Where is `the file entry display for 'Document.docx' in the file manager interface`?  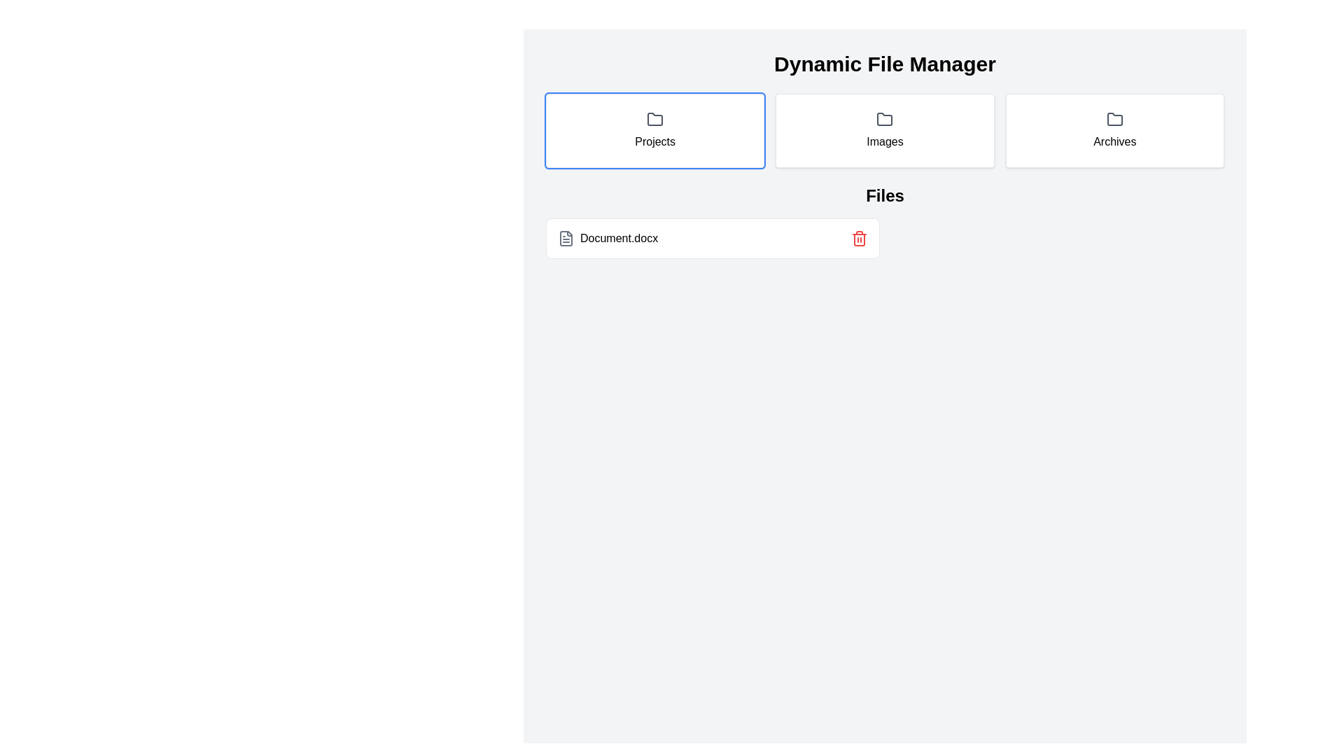
the file entry display for 'Document.docx' in the file manager interface is located at coordinates (884, 237).